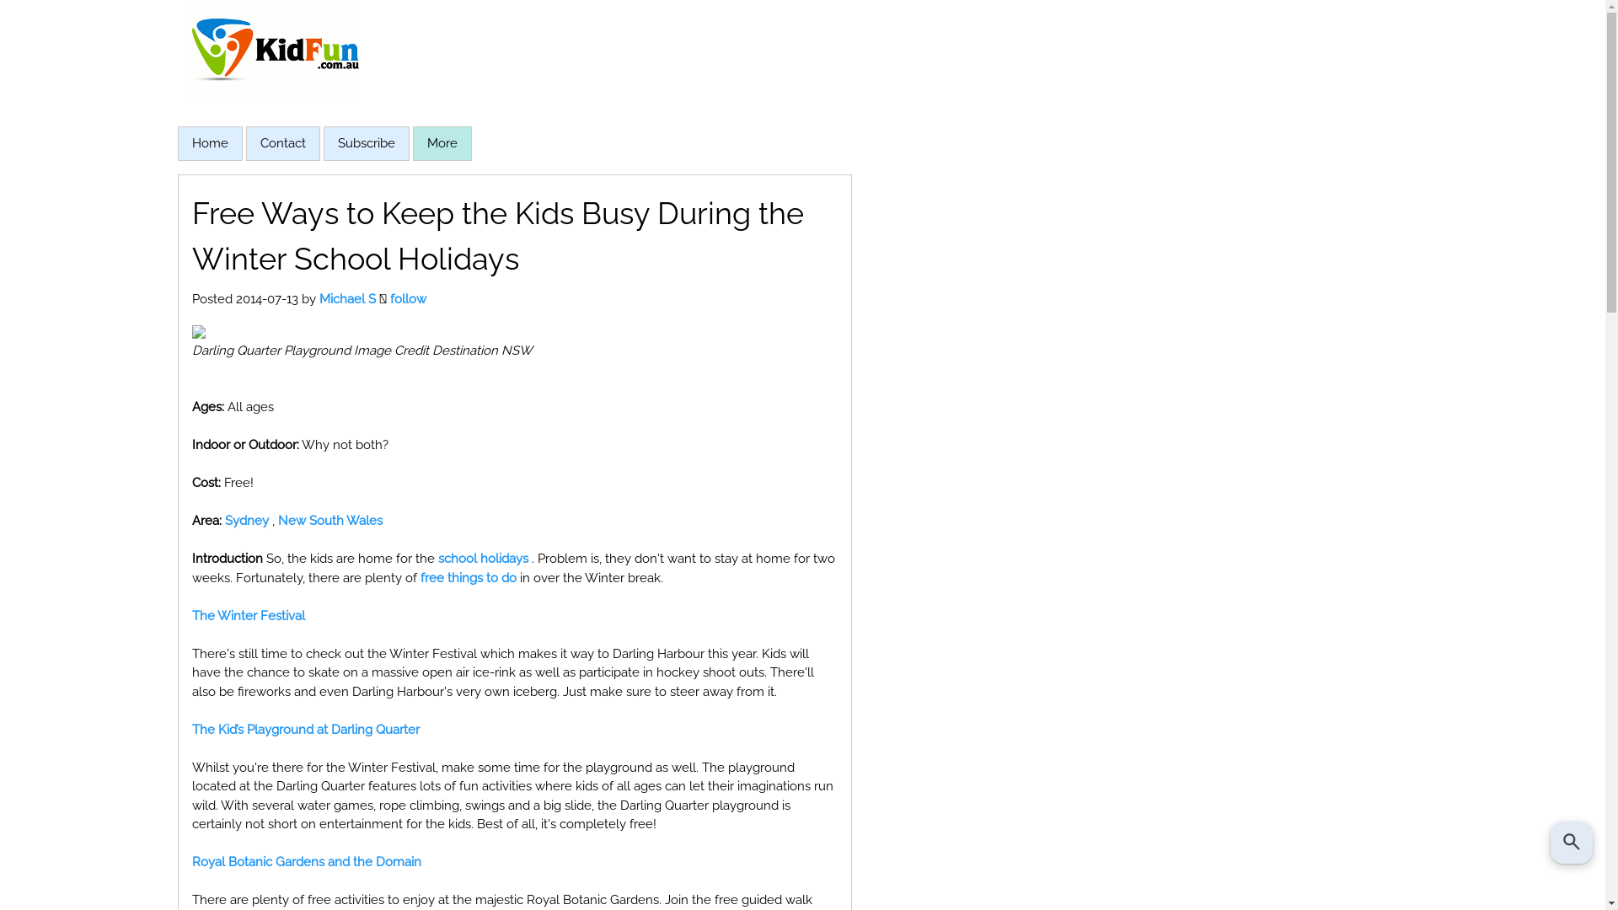  What do you see at coordinates (247, 616) in the screenshot?
I see `'The Winter Festival'` at bounding box center [247, 616].